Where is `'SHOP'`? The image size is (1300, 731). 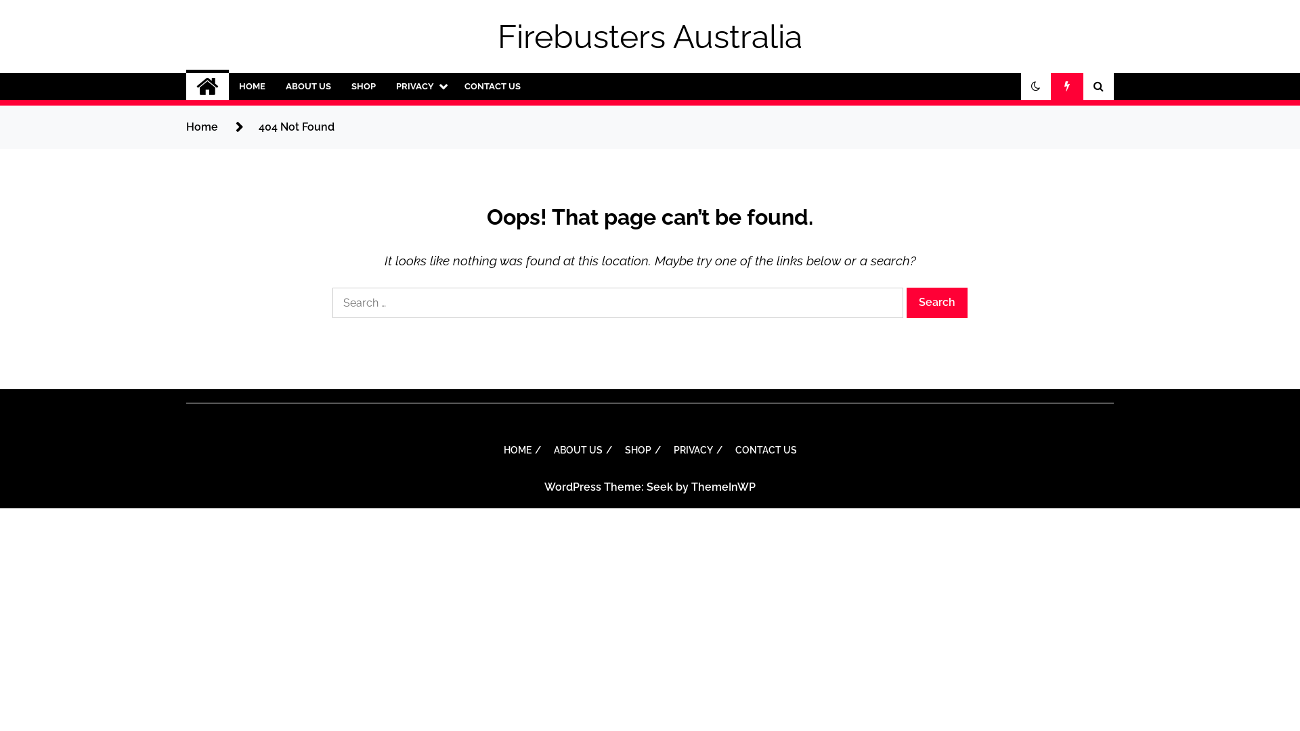 'SHOP' is located at coordinates (364, 86).